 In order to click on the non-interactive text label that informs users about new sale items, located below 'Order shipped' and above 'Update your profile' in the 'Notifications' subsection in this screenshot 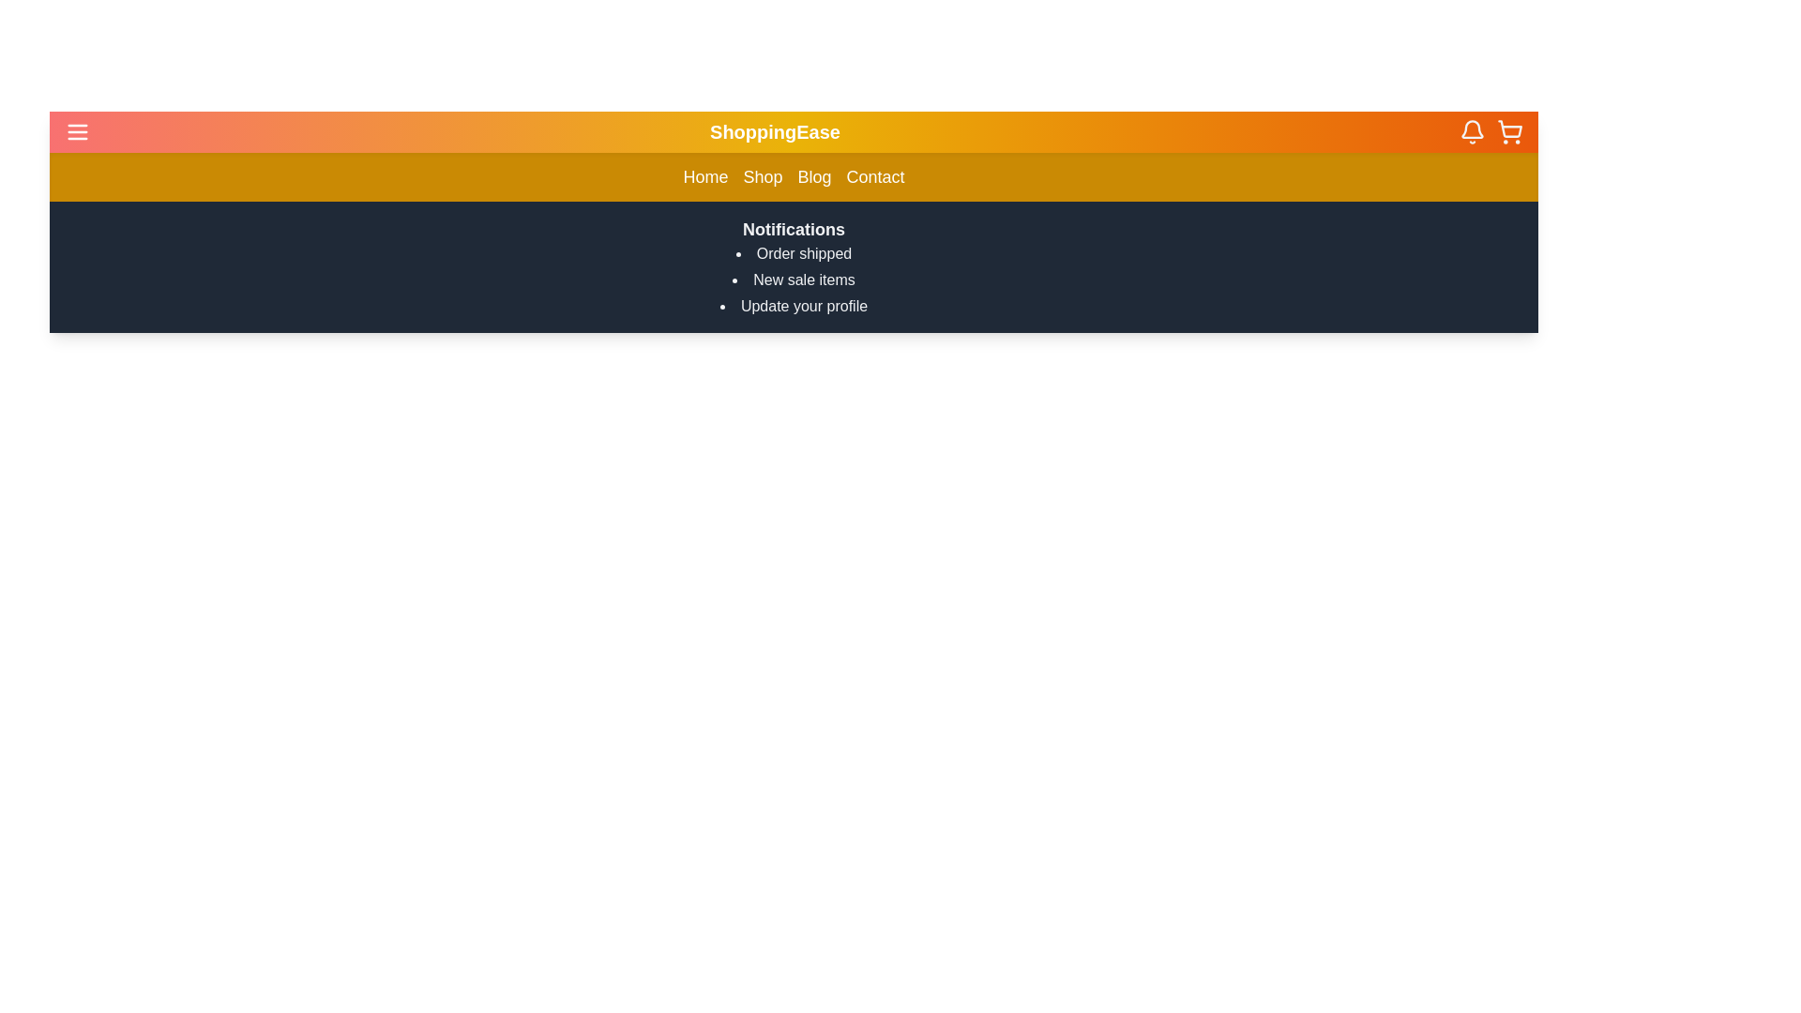, I will do `click(794, 280)`.